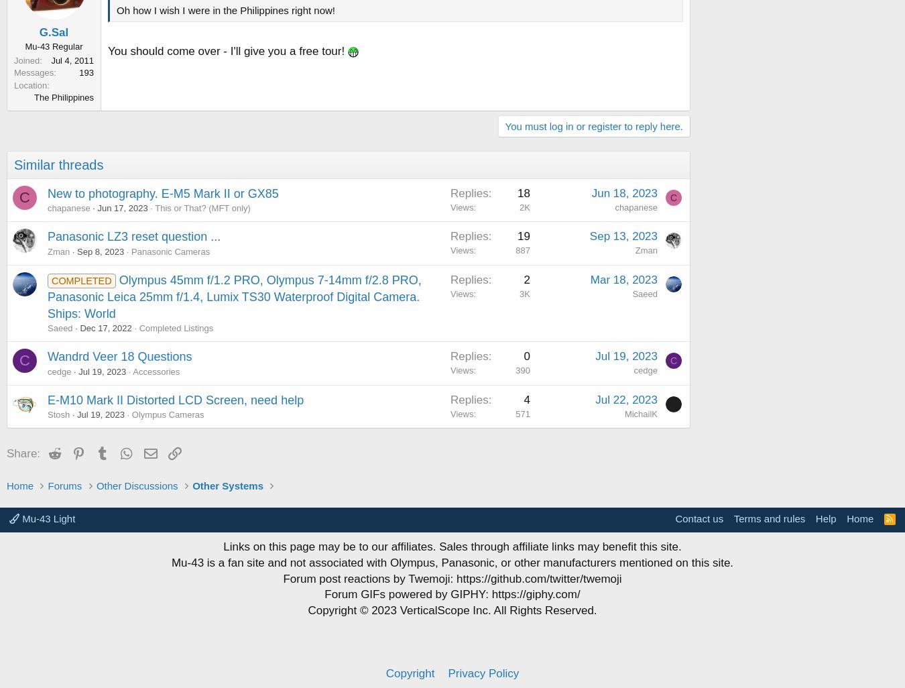 This screenshot has width=905, height=688. I want to click on 'Forum post reactions by Twemoji: https://github.com/twitter/twemoji', so click(452, 578).